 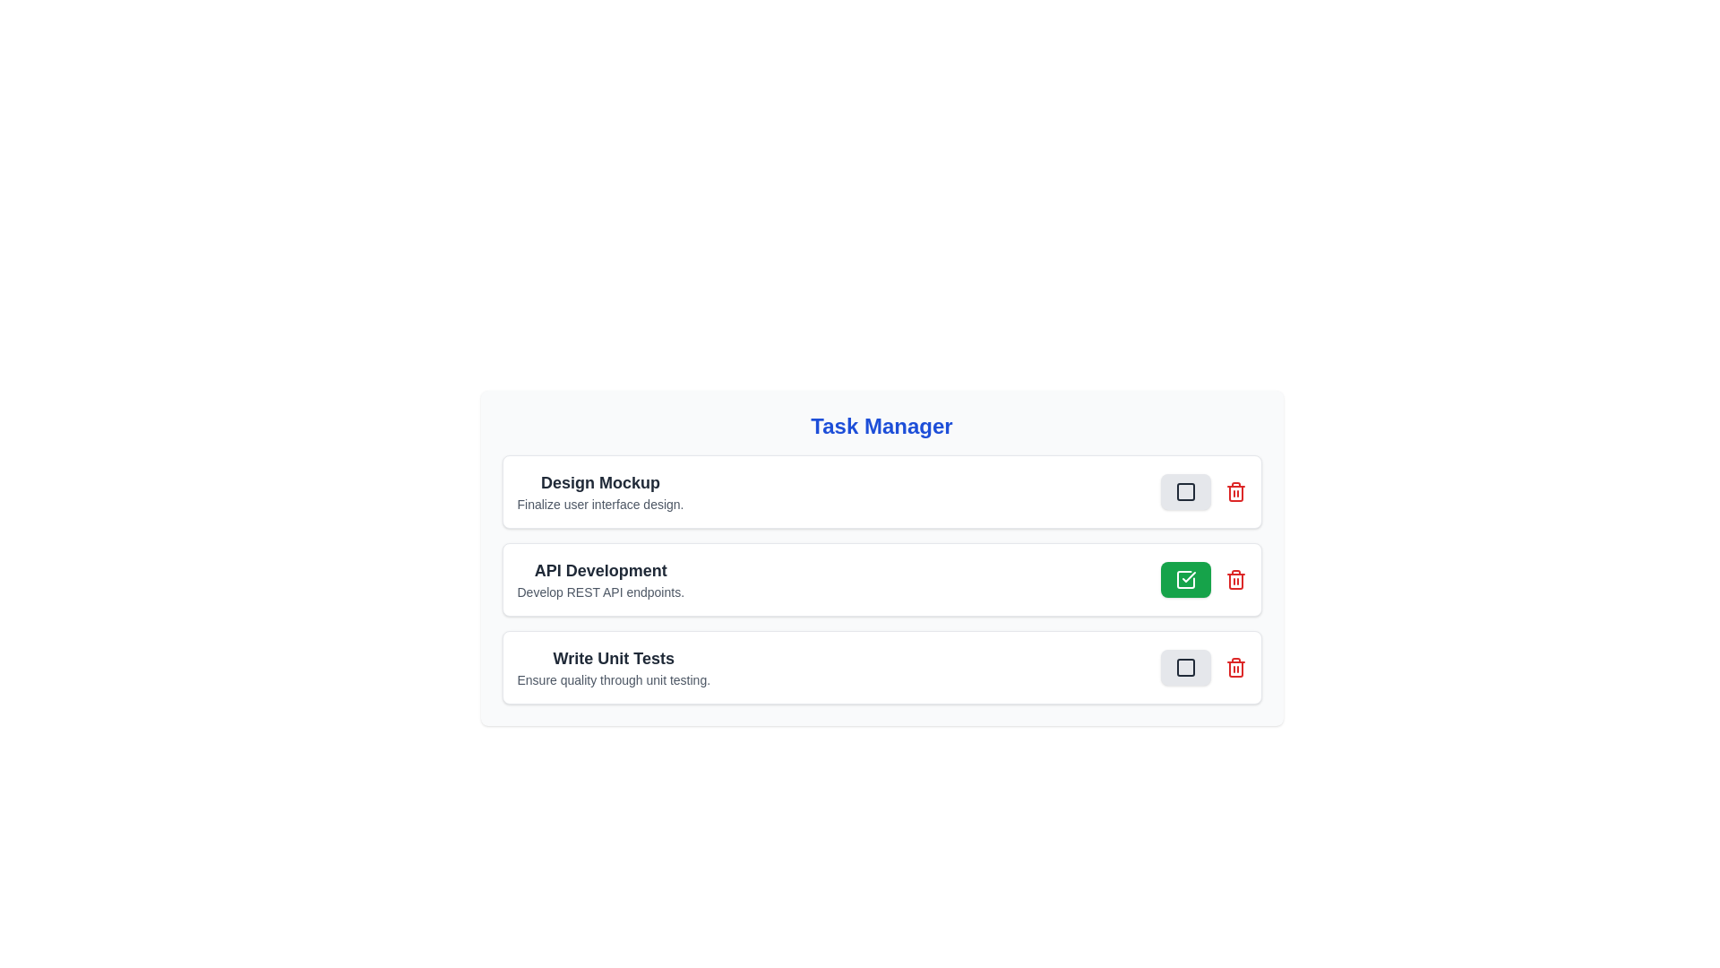 I want to click on text from the text label that says 'Ensure quality through unit testing.', located below the title 'Write Unit Tests' in the task management interface, so click(x=614, y=680).